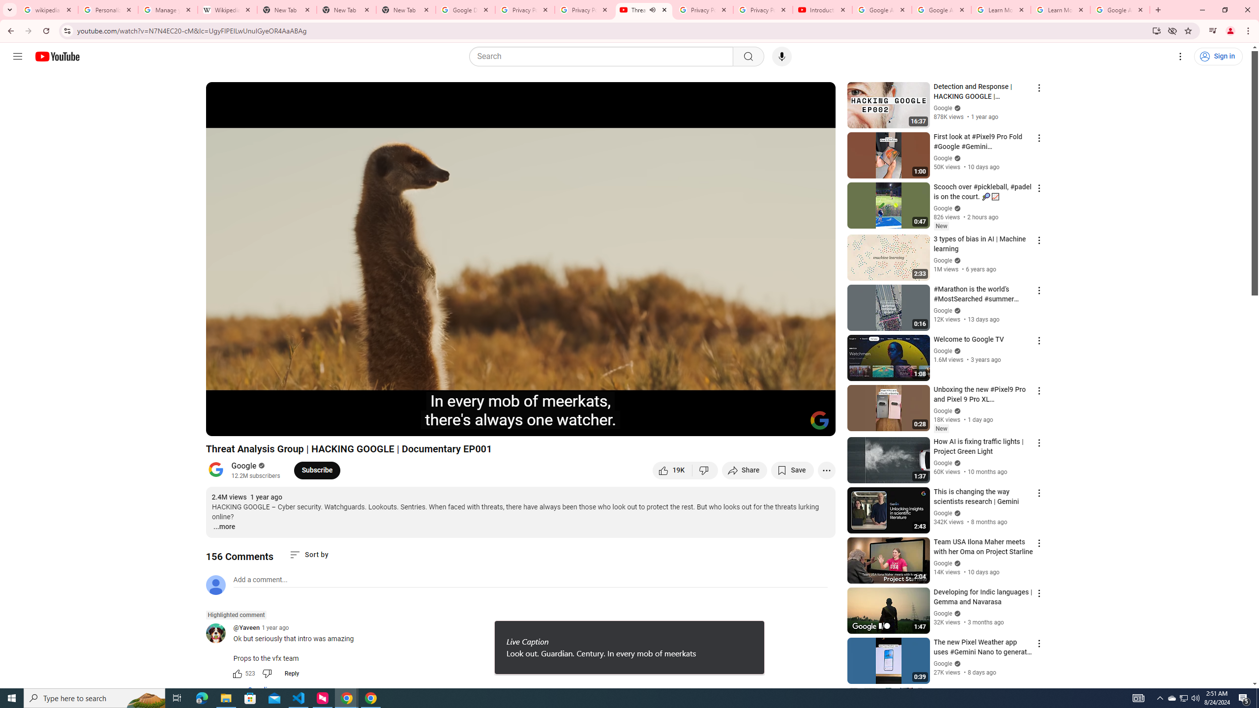 This screenshot has height=708, width=1259. What do you see at coordinates (108, 9) in the screenshot?
I see `'Personalization & Google Search results - Google Search Help'` at bounding box center [108, 9].